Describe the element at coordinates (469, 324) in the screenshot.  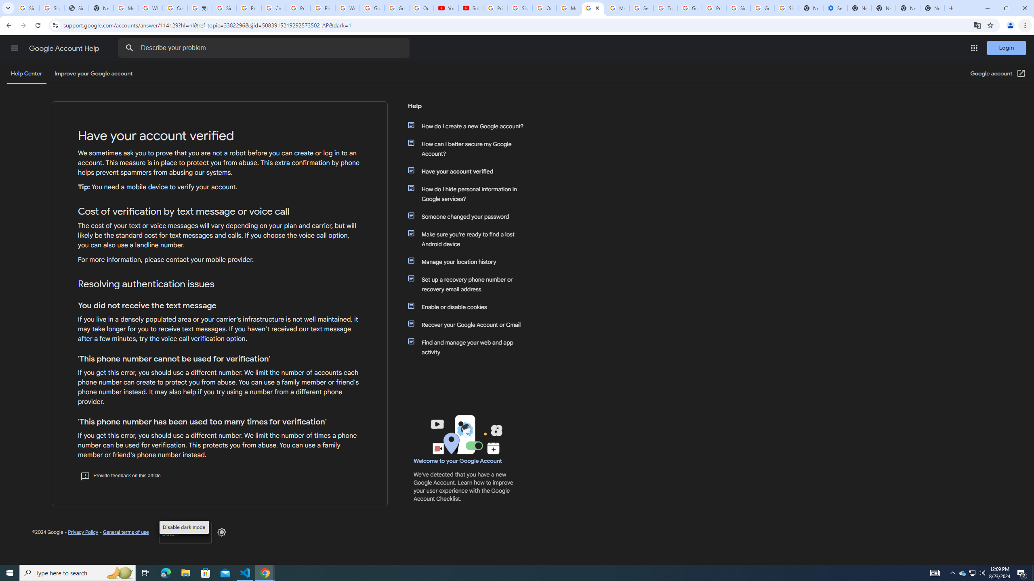
I see `'Recover your Google Account or Gmail'` at that location.